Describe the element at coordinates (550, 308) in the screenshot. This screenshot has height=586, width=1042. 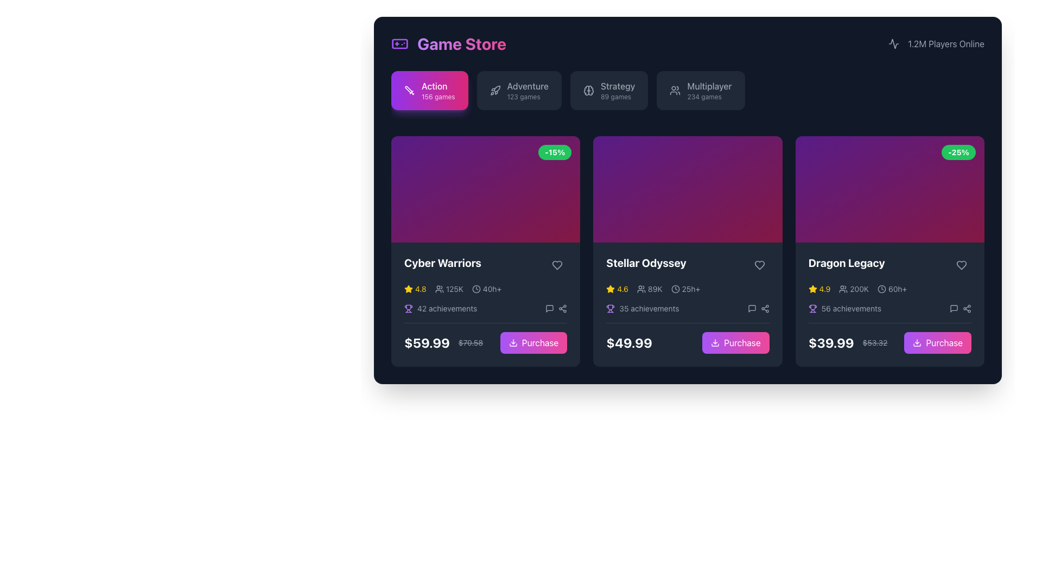
I see `the comment icon in the bottom-right segment of the 'Cyber Warriors' game card` at that location.